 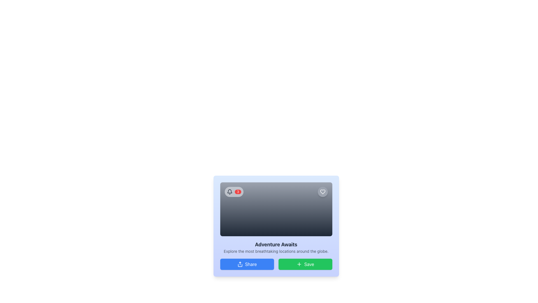 I want to click on the 'Save' button located on the bottom right of the interactive area, which is a green button aligned with a plus icon and adjacent to a blue 'Share' button, so click(x=309, y=264).